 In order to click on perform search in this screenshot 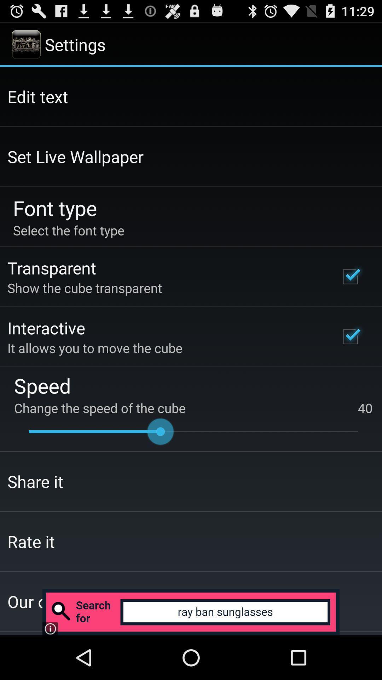, I will do `click(191, 612)`.